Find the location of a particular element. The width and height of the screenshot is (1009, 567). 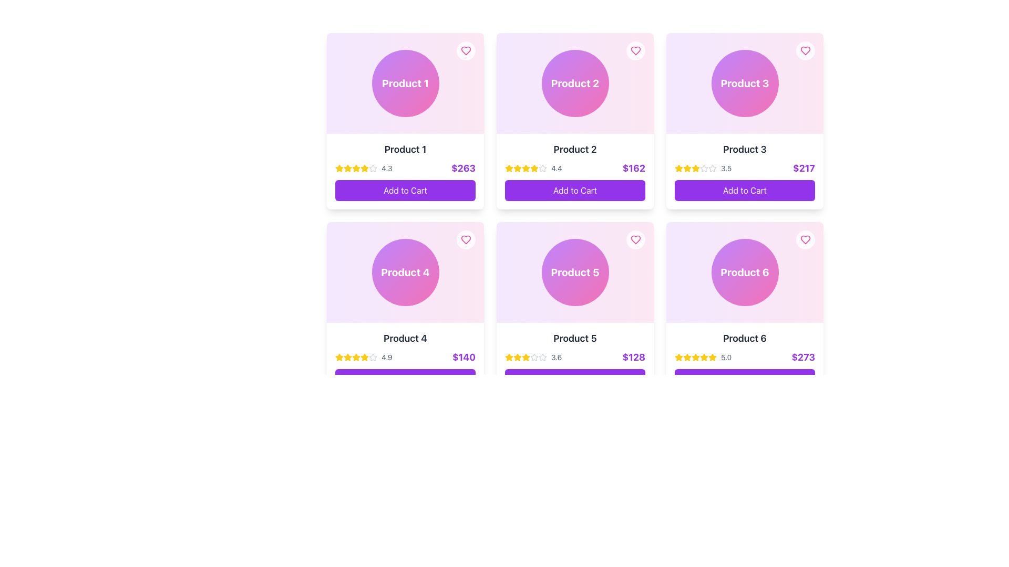

the first rating star icon representing the product 'Product 6' is located at coordinates (678, 357).